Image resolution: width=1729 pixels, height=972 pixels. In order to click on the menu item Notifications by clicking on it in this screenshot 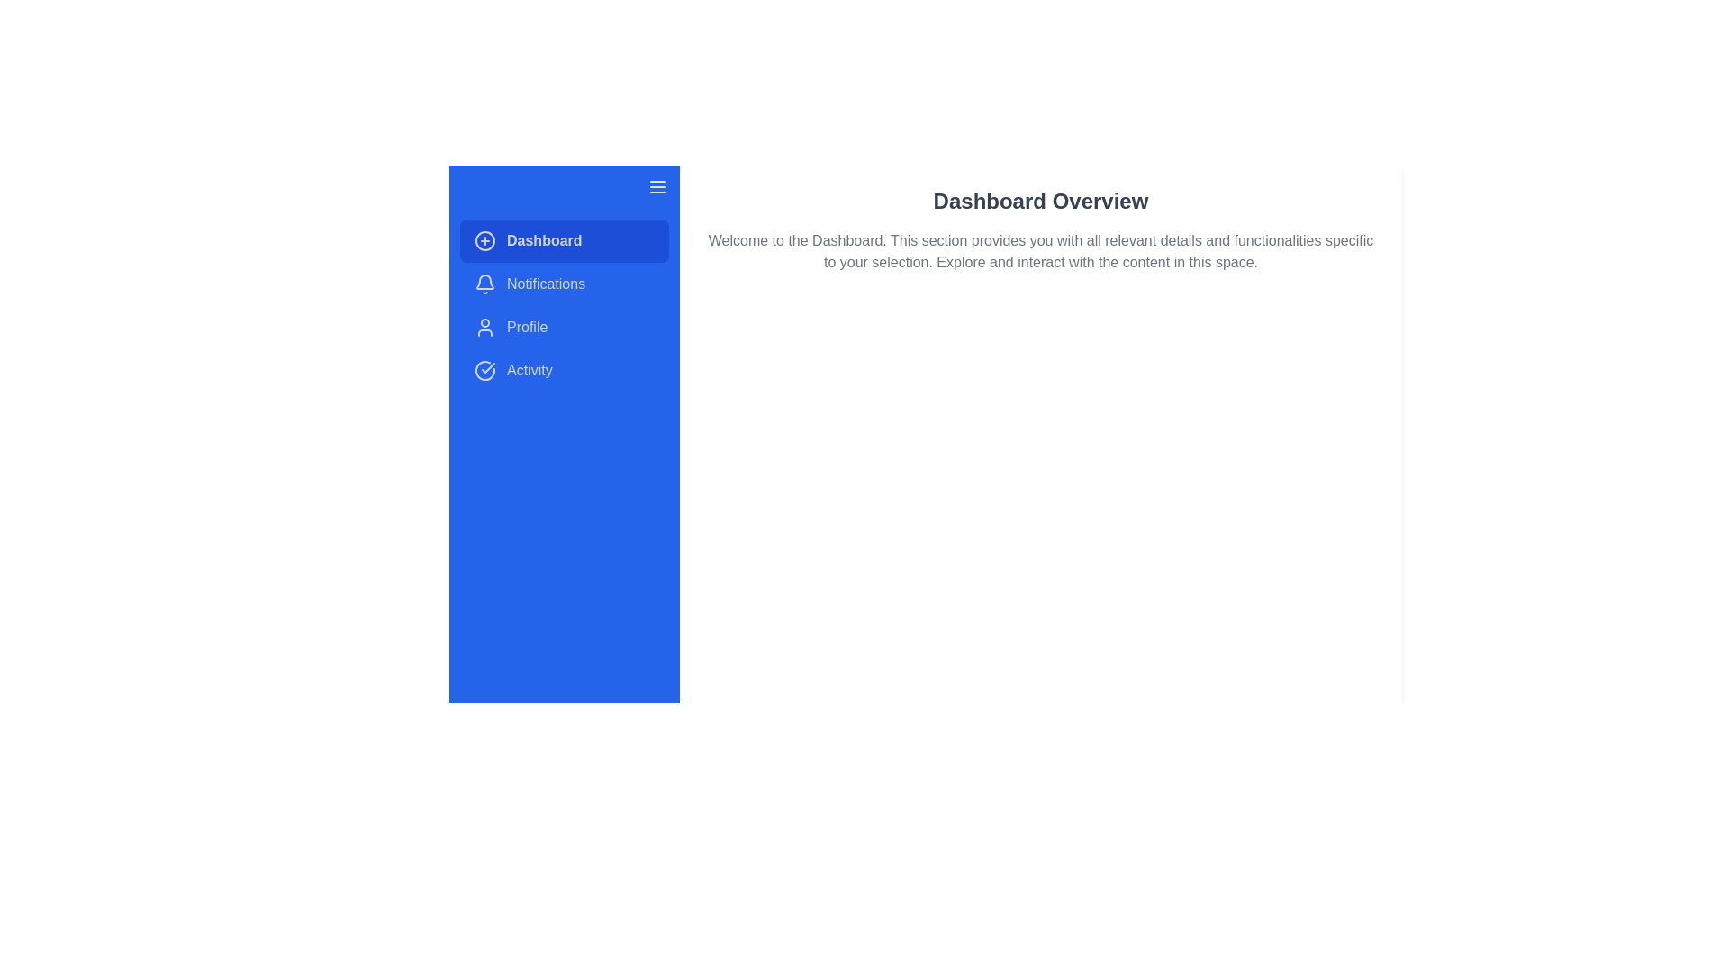, I will do `click(564, 283)`.